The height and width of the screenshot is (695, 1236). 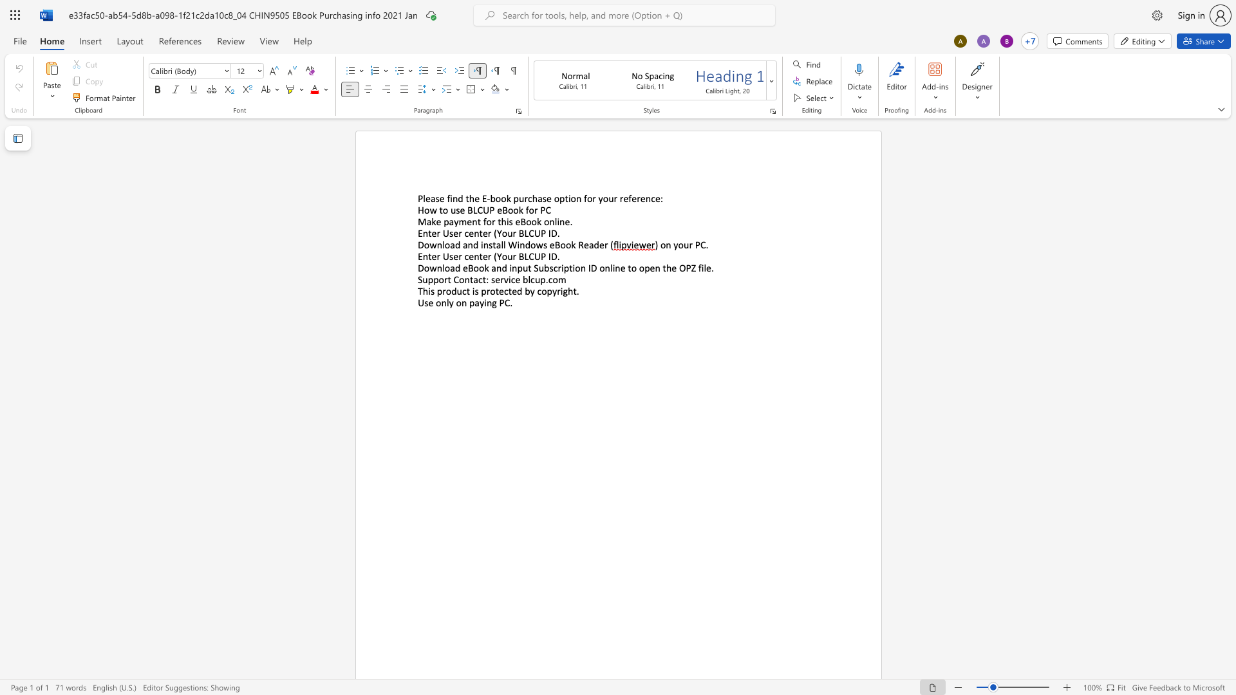 I want to click on the 1th character "y" in the text, so click(x=600, y=198).